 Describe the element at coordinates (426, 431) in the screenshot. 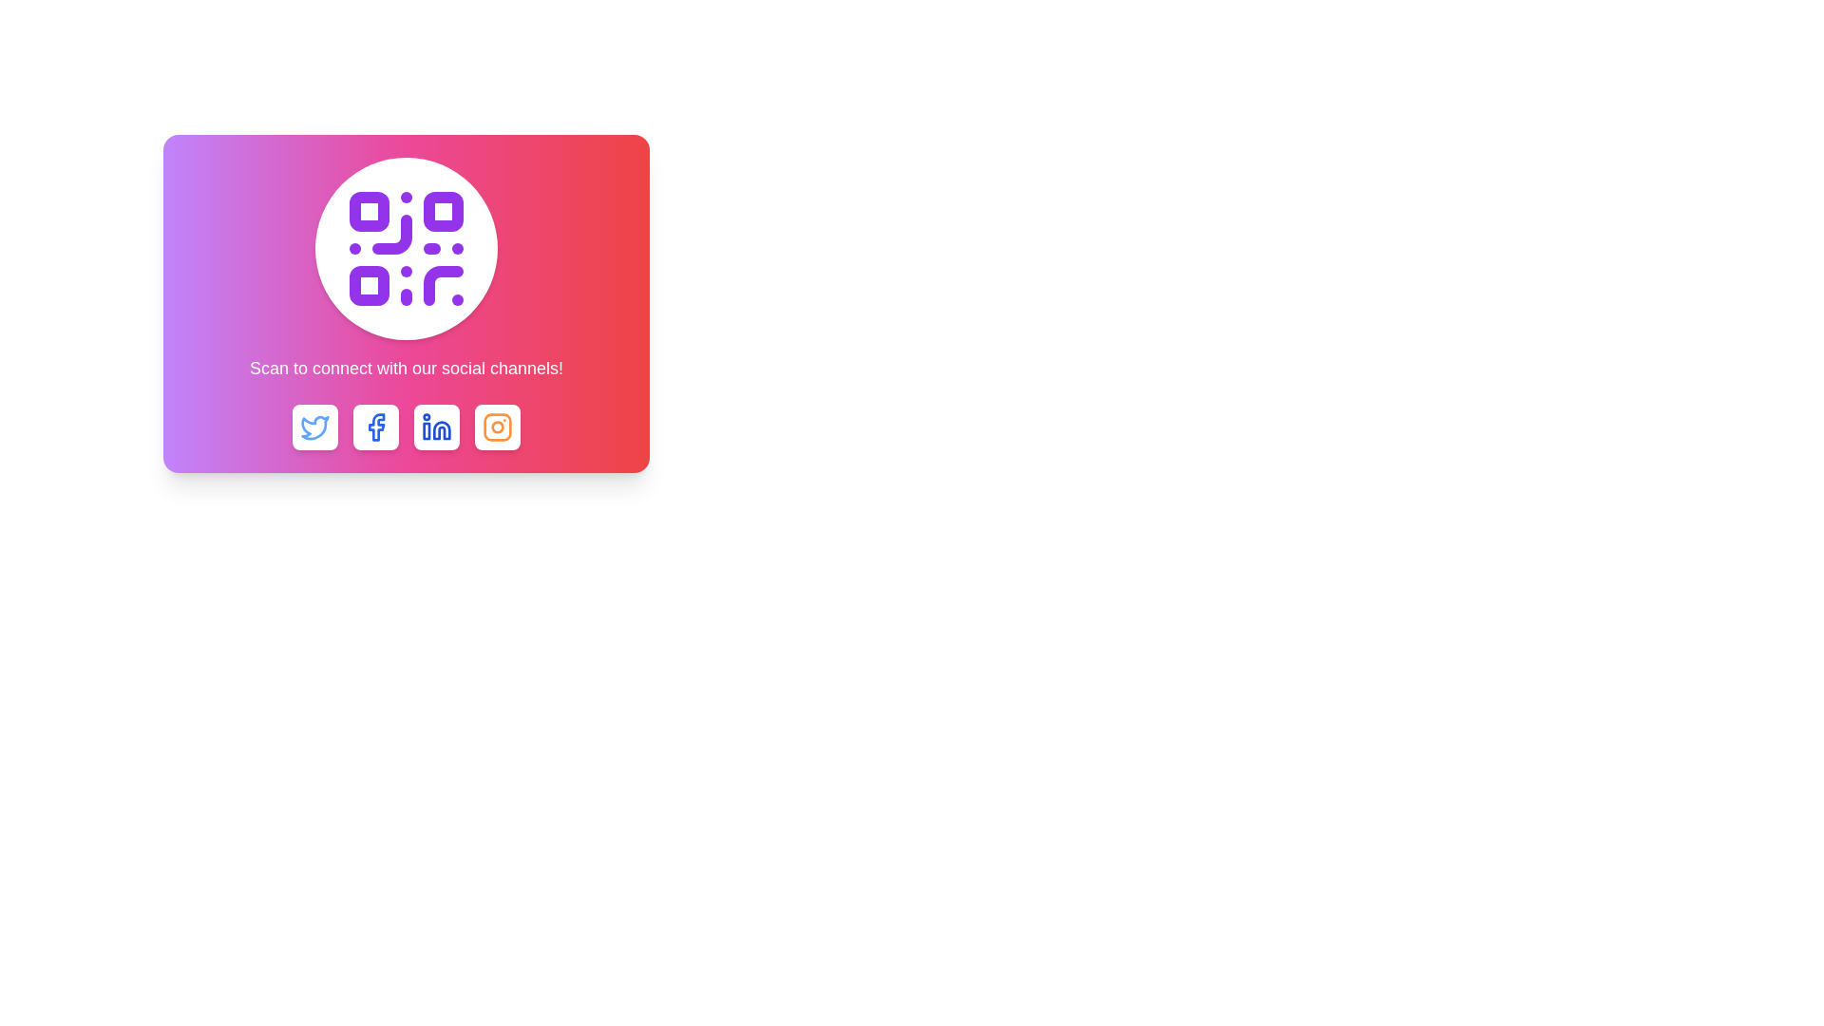

I see `the LinkedIn icon component, which is part of the social media icons row and contributes visually to the LinkedIn brand` at that location.